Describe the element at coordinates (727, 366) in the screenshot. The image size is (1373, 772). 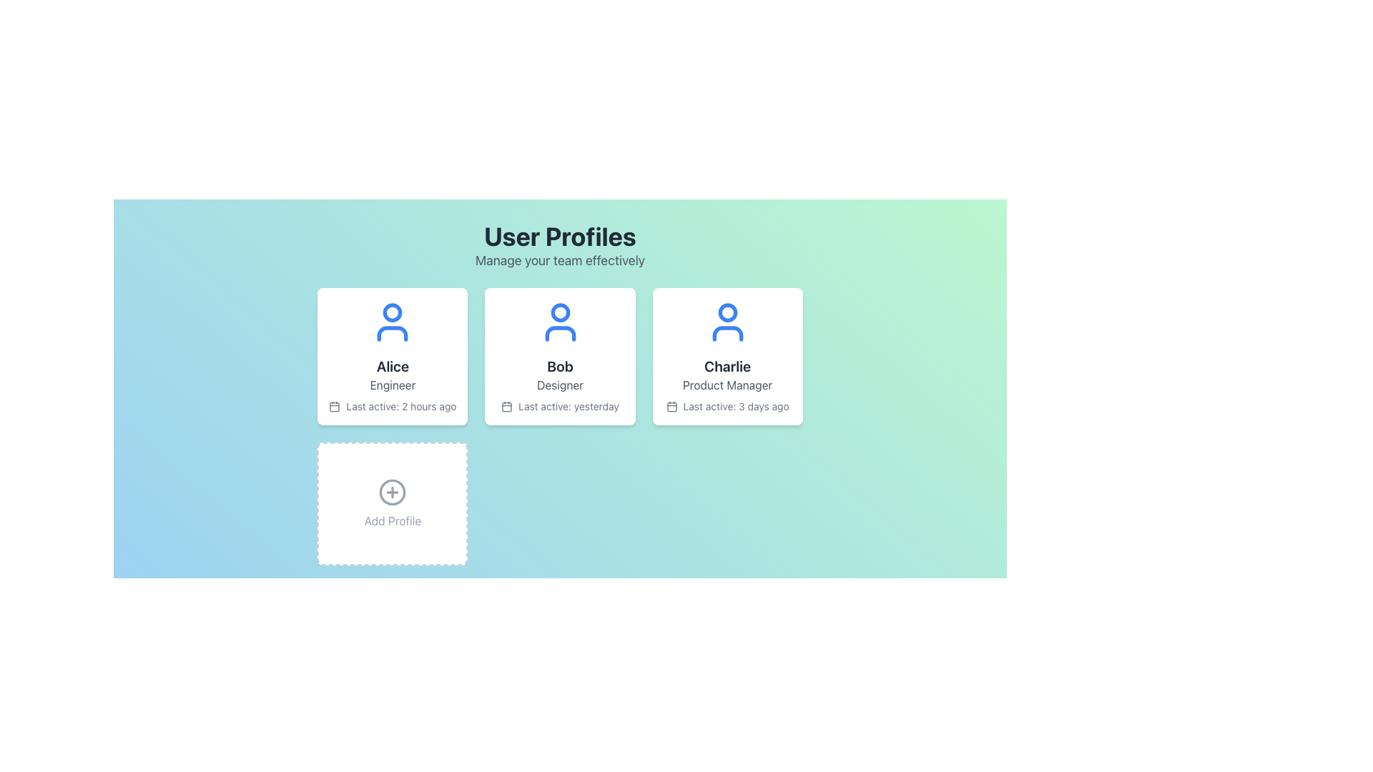
I see `the text 'Charlie'` at that location.